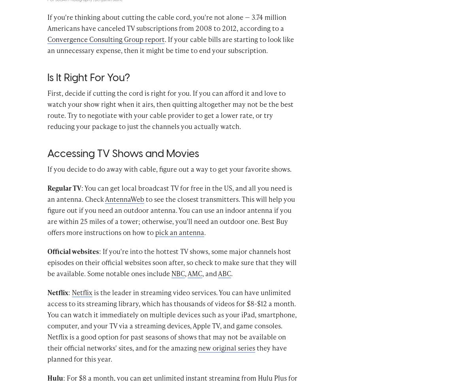 This screenshot has height=381, width=474. I want to click on ', and', so click(202, 284).